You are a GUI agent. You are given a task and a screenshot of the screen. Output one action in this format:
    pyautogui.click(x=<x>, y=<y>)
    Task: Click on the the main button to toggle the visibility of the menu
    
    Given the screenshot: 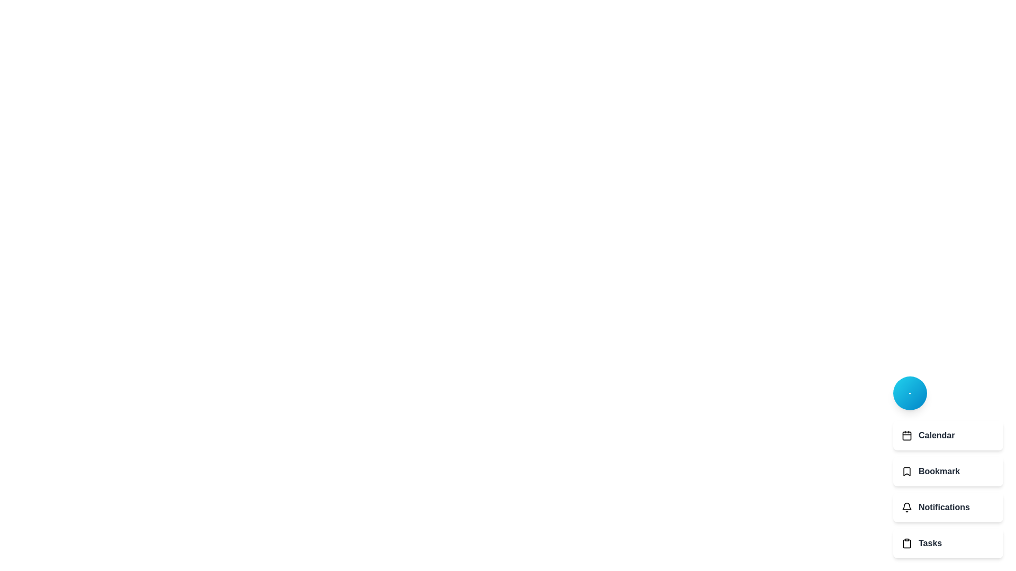 What is the action you would take?
    pyautogui.click(x=909, y=393)
    